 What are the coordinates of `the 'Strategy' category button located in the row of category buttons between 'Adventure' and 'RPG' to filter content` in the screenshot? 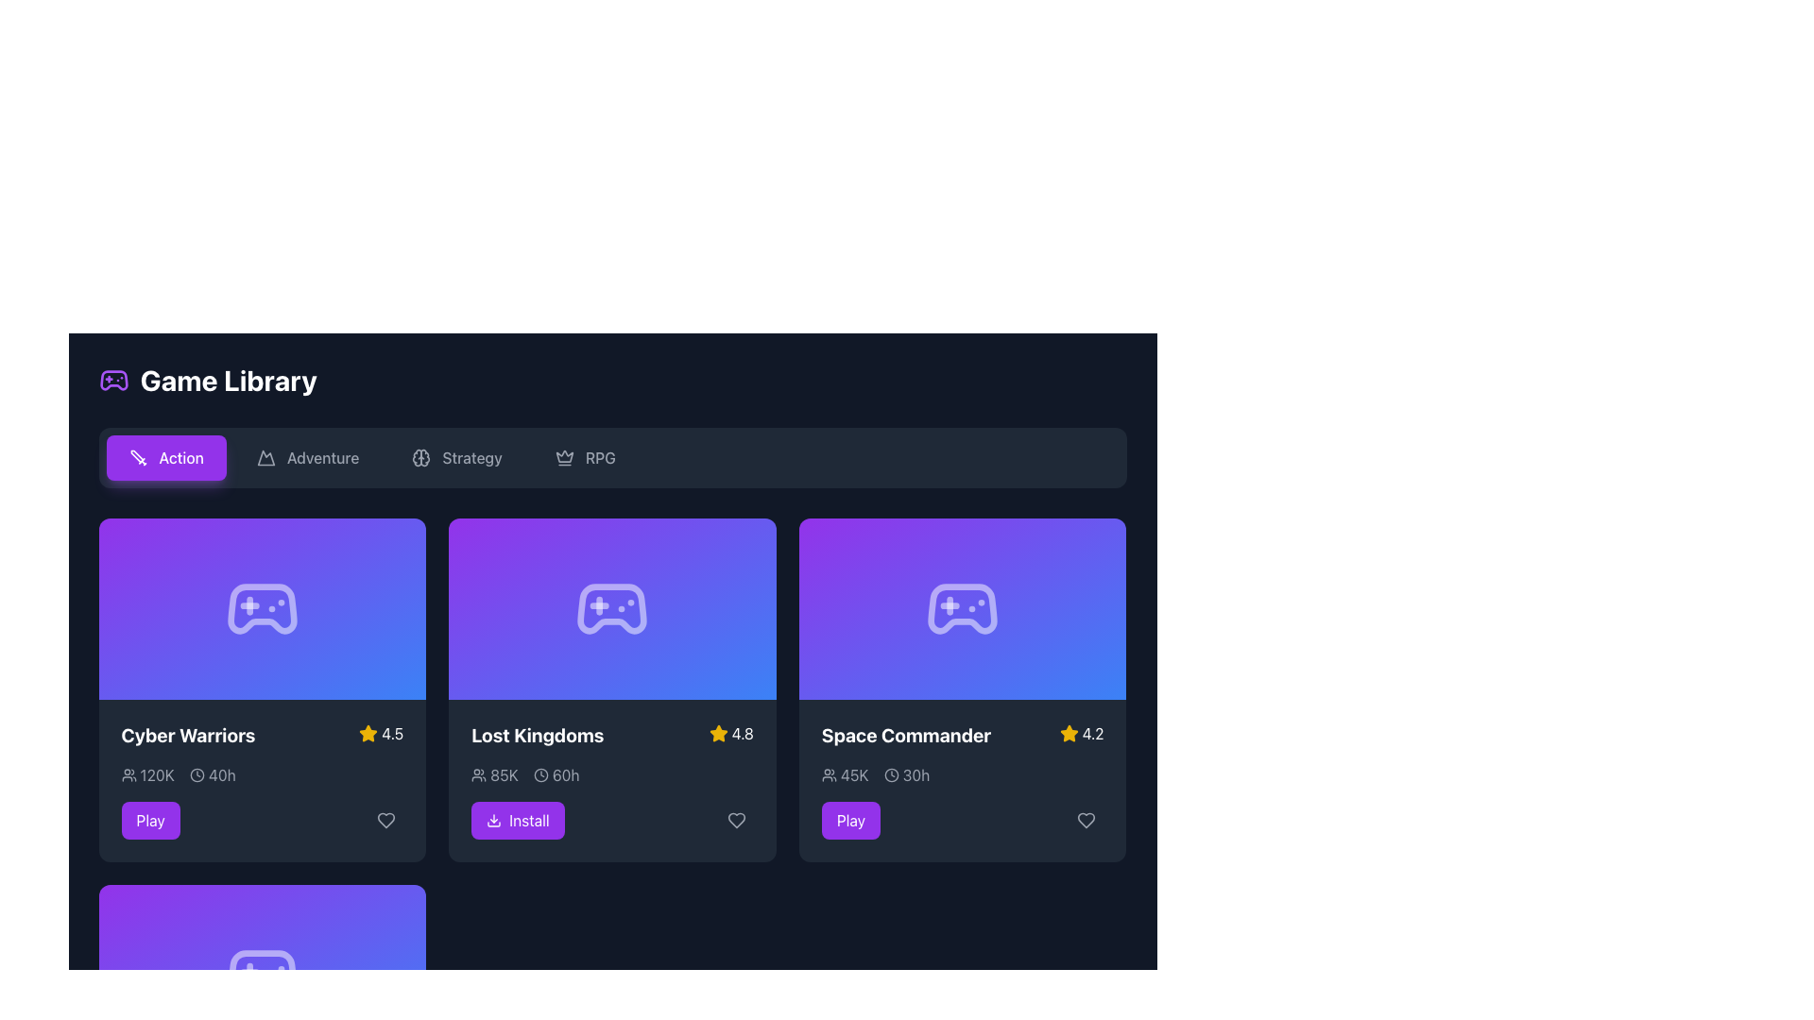 It's located at (457, 458).